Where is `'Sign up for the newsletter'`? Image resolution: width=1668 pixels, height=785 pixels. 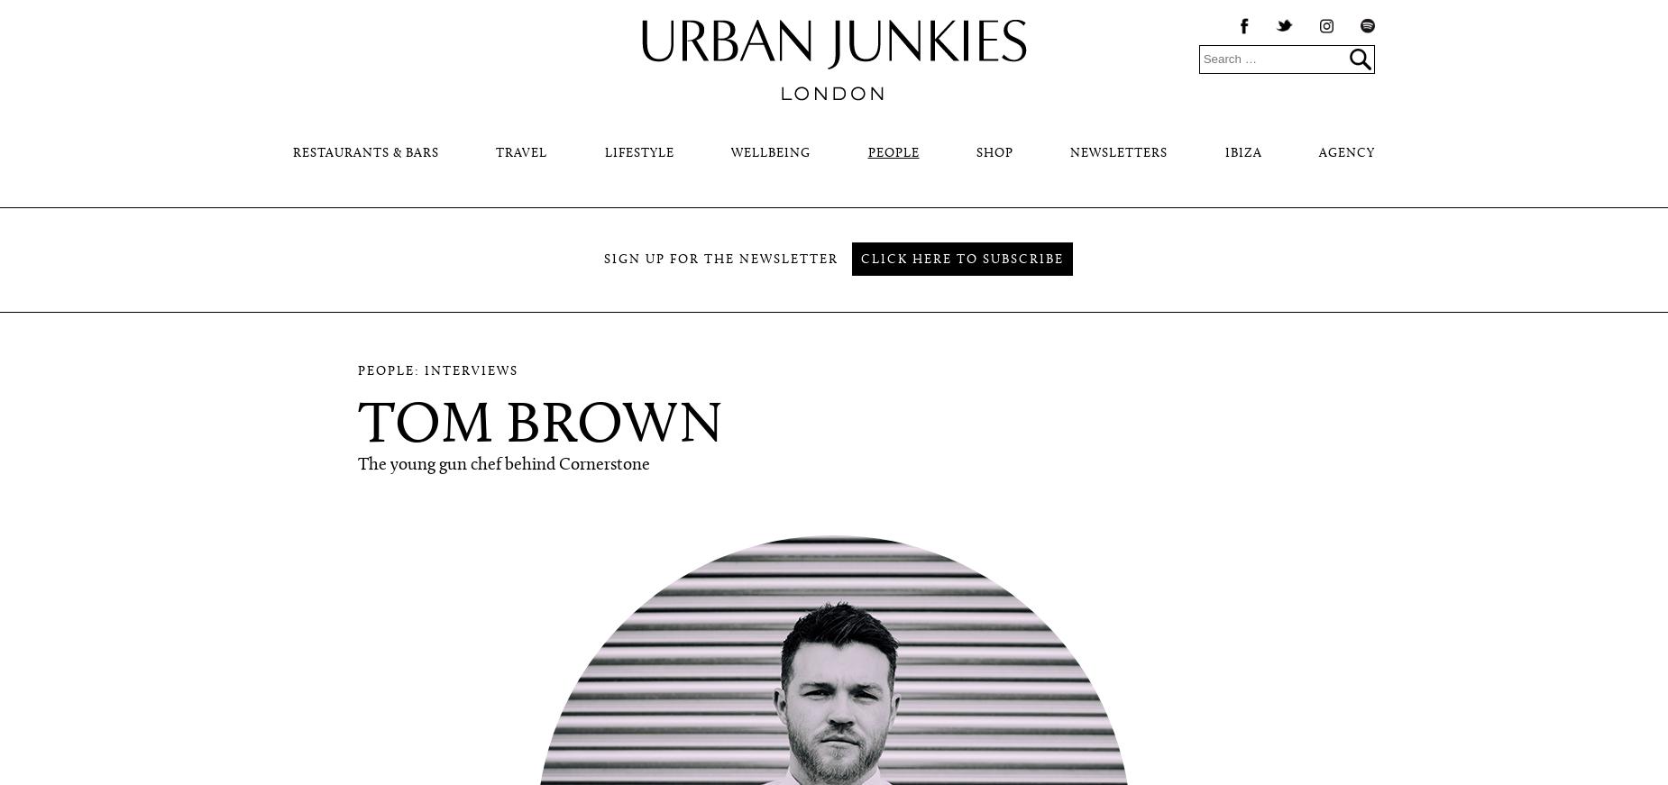 'Sign up for the newsletter' is located at coordinates (720, 260).